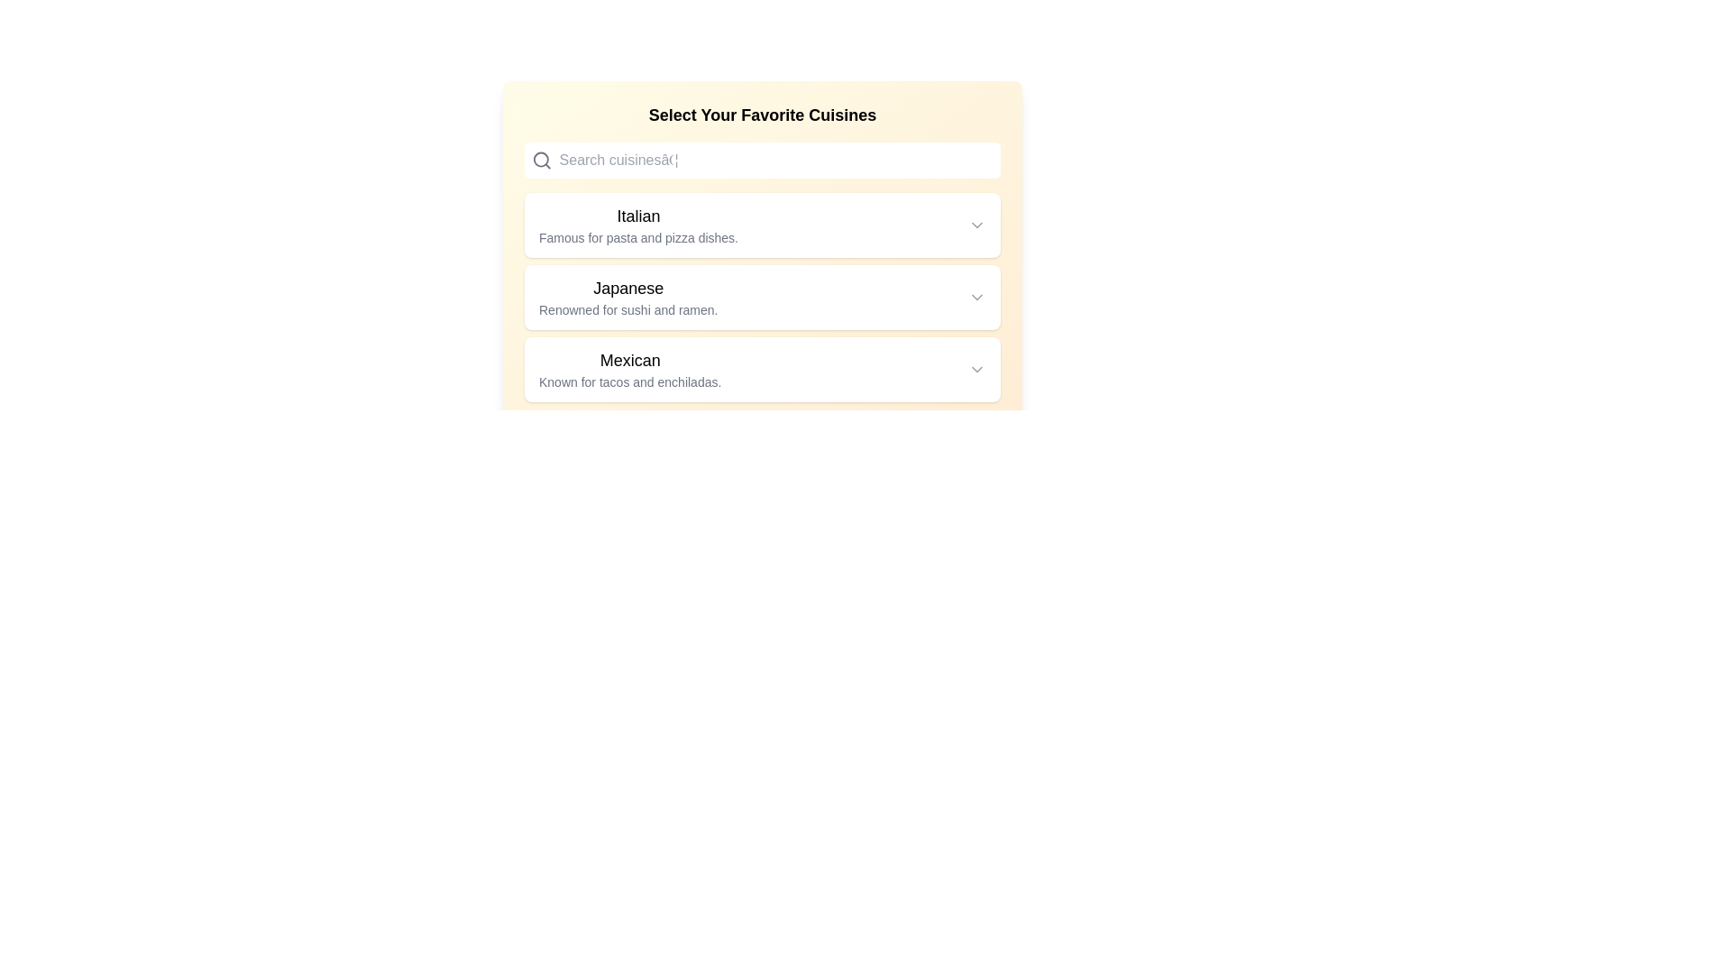 The image size is (1731, 974). What do you see at coordinates (762, 368) in the screenshot?
I see `the third list item that represents 'Mexican' cuisine` at bounding box center [762, 368].